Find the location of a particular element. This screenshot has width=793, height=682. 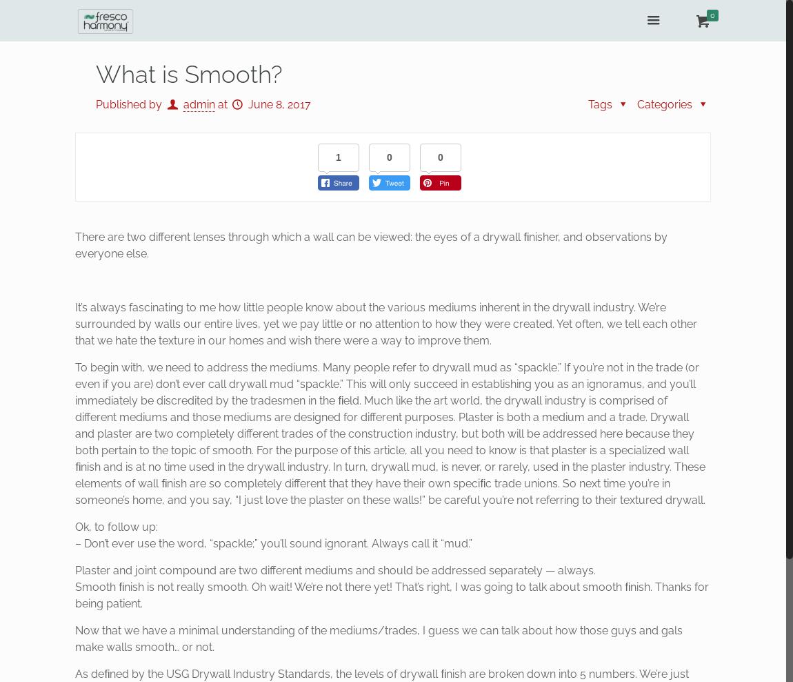

'To begin with, we need to address the mediums. Many people refer to drywall mud as “spackle.” If you’re not in the trade (or even if you are) don’t ever call drywall mud “spackle.” This will only succeed in establishing you as an ignoramus, and you’ll immediately be discredited by the tradesmen in the ﬁeld. Much like the art world, the drywall industry is comprised of different mediums and those mediums are designed for different purposes. Plaster is both a medium and a trade. Drywall and plaster are two completely different trades of the construction industry, but both will be addressed here because they both pertain to the topic of smooth. For the purpose of this article, all you need to know is that plaster is a specialized wall ﬁnish and is at no time used in the drywall industry. In turn, drywall mud, is never, or rarely, used in the plaster industry. These elements of wall ﬁnish are so completely different that they have their own speciﬁc trade unions. So next time you’re in someone’s home, and you say, “I just love the plaster on these walls!” be careful you’re not referring to their textured drywall.' is located at coordinates (390, 433).